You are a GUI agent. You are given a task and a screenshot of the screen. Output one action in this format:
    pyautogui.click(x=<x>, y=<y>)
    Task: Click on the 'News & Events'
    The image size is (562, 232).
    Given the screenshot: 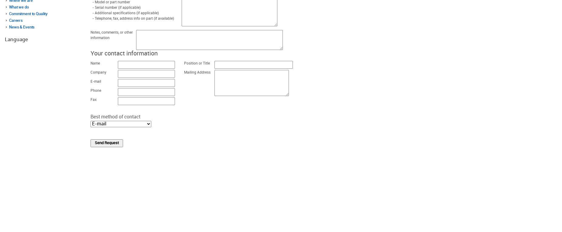 What is the action you would take?
    pyautogui.click(x=21, y=27)
    